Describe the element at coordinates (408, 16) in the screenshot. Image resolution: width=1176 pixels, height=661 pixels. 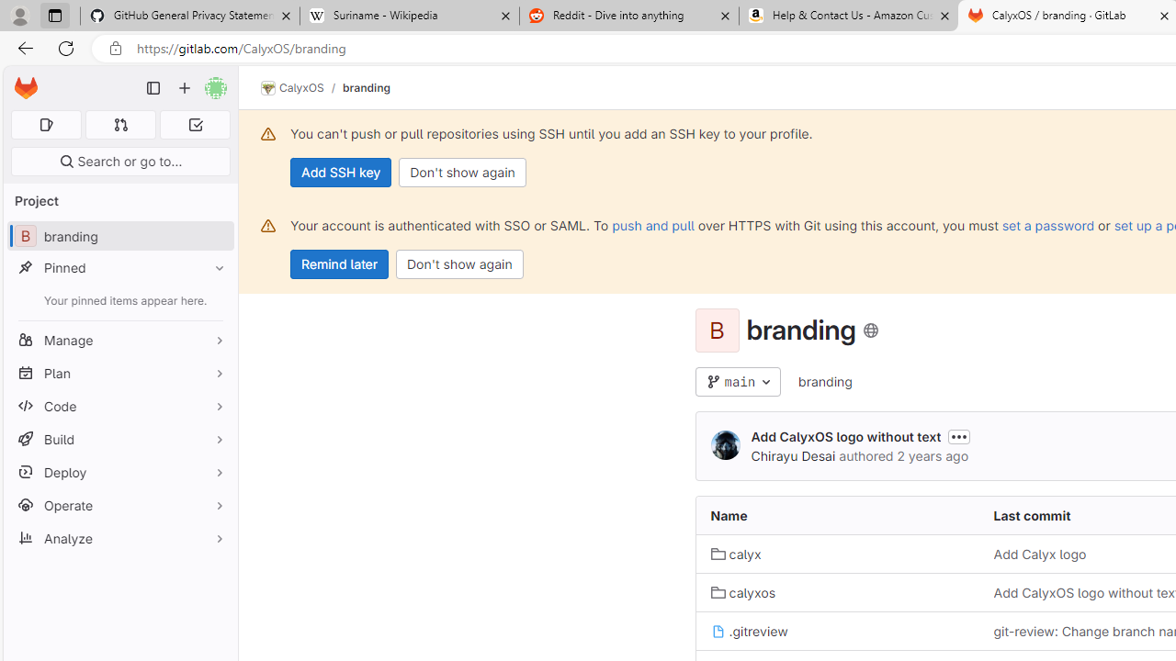
I see `'Suriname - Wikipedia'` at that location.